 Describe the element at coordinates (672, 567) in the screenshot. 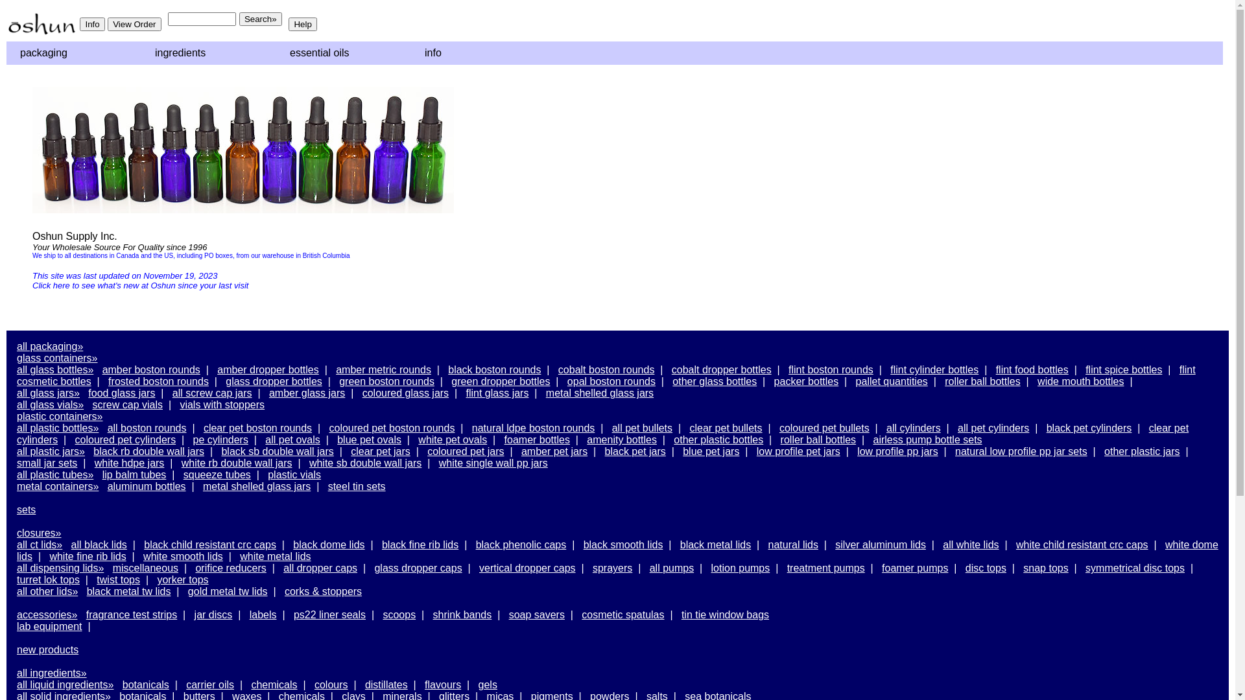

I see `'all pumps'` at that location.